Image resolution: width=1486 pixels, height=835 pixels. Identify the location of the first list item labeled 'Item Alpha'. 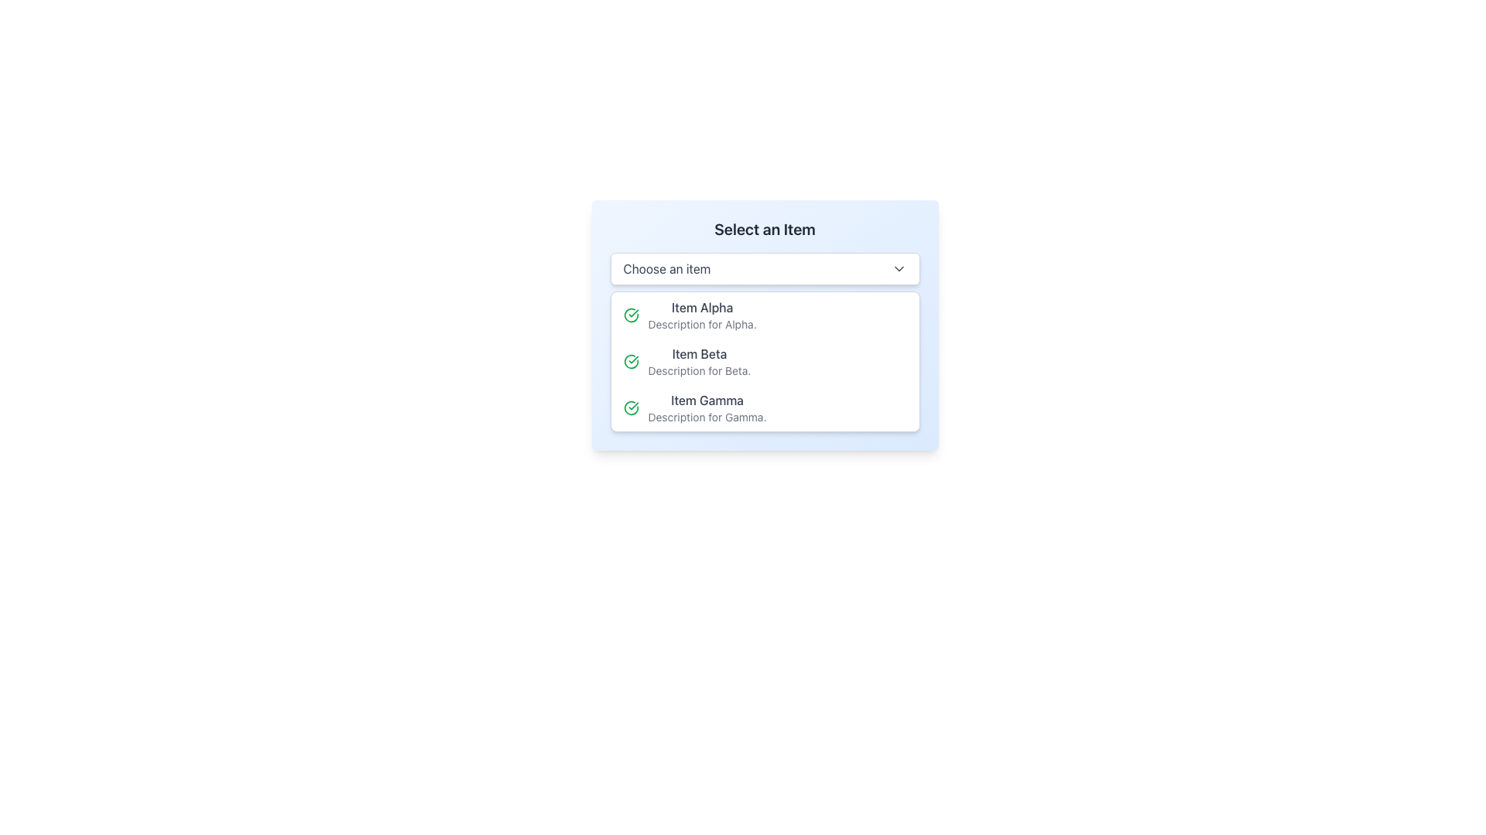
(765, 315).